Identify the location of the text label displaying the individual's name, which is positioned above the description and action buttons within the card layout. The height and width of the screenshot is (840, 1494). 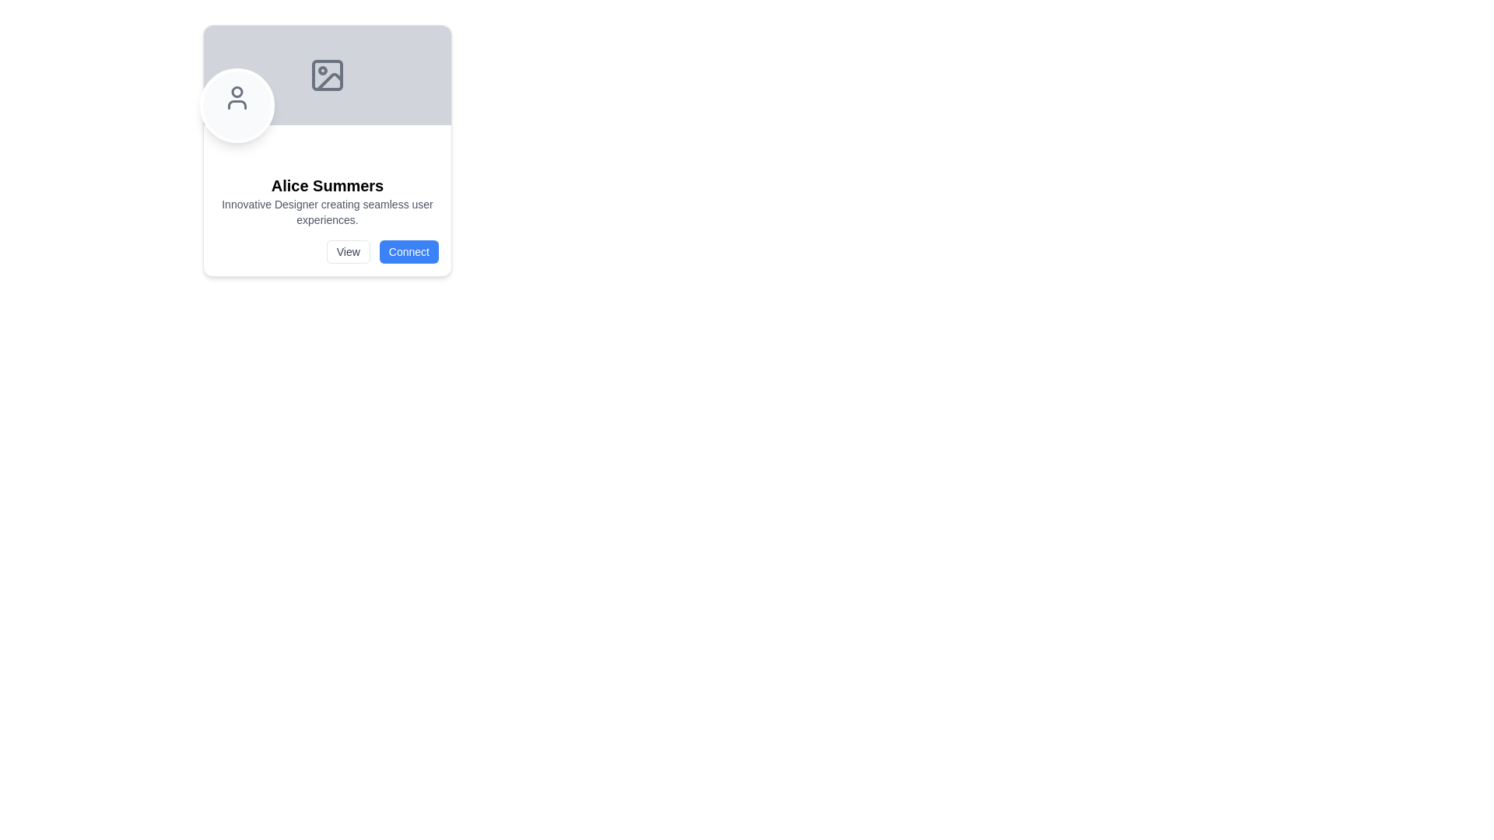
(327, 185).